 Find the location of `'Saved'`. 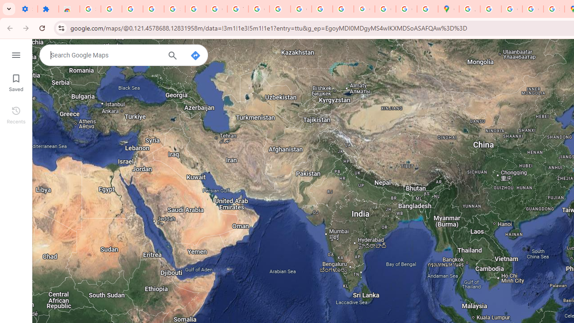

'Saved' is located at coordinates (16, 82).